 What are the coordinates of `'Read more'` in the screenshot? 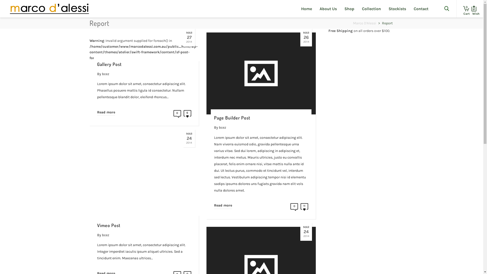 It's located at (106, 111).